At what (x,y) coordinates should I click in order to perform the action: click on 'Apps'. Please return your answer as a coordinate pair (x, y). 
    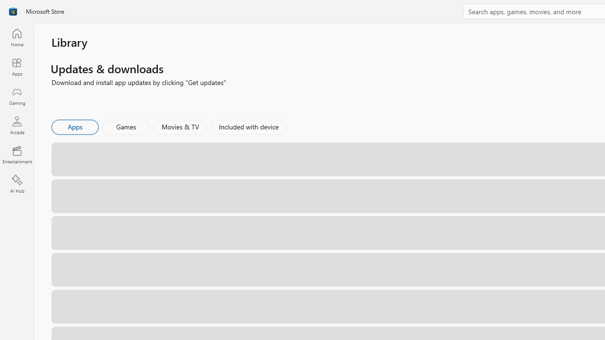
    Looking at the image, I should click on (74, 126).